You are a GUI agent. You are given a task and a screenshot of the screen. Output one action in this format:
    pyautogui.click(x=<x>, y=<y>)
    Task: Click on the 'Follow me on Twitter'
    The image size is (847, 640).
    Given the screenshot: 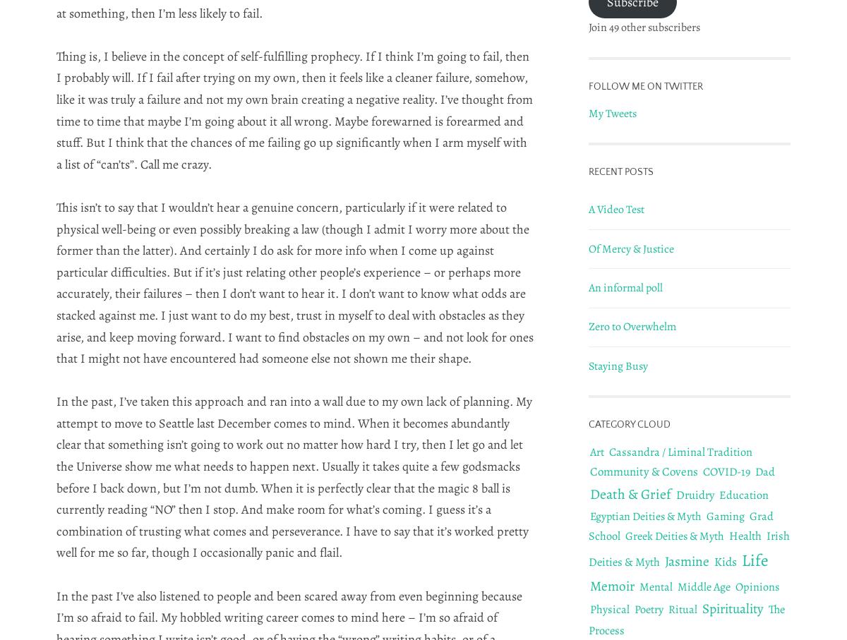 What is the action you would take?
    pyautogui.click(x=646, y=85)
    